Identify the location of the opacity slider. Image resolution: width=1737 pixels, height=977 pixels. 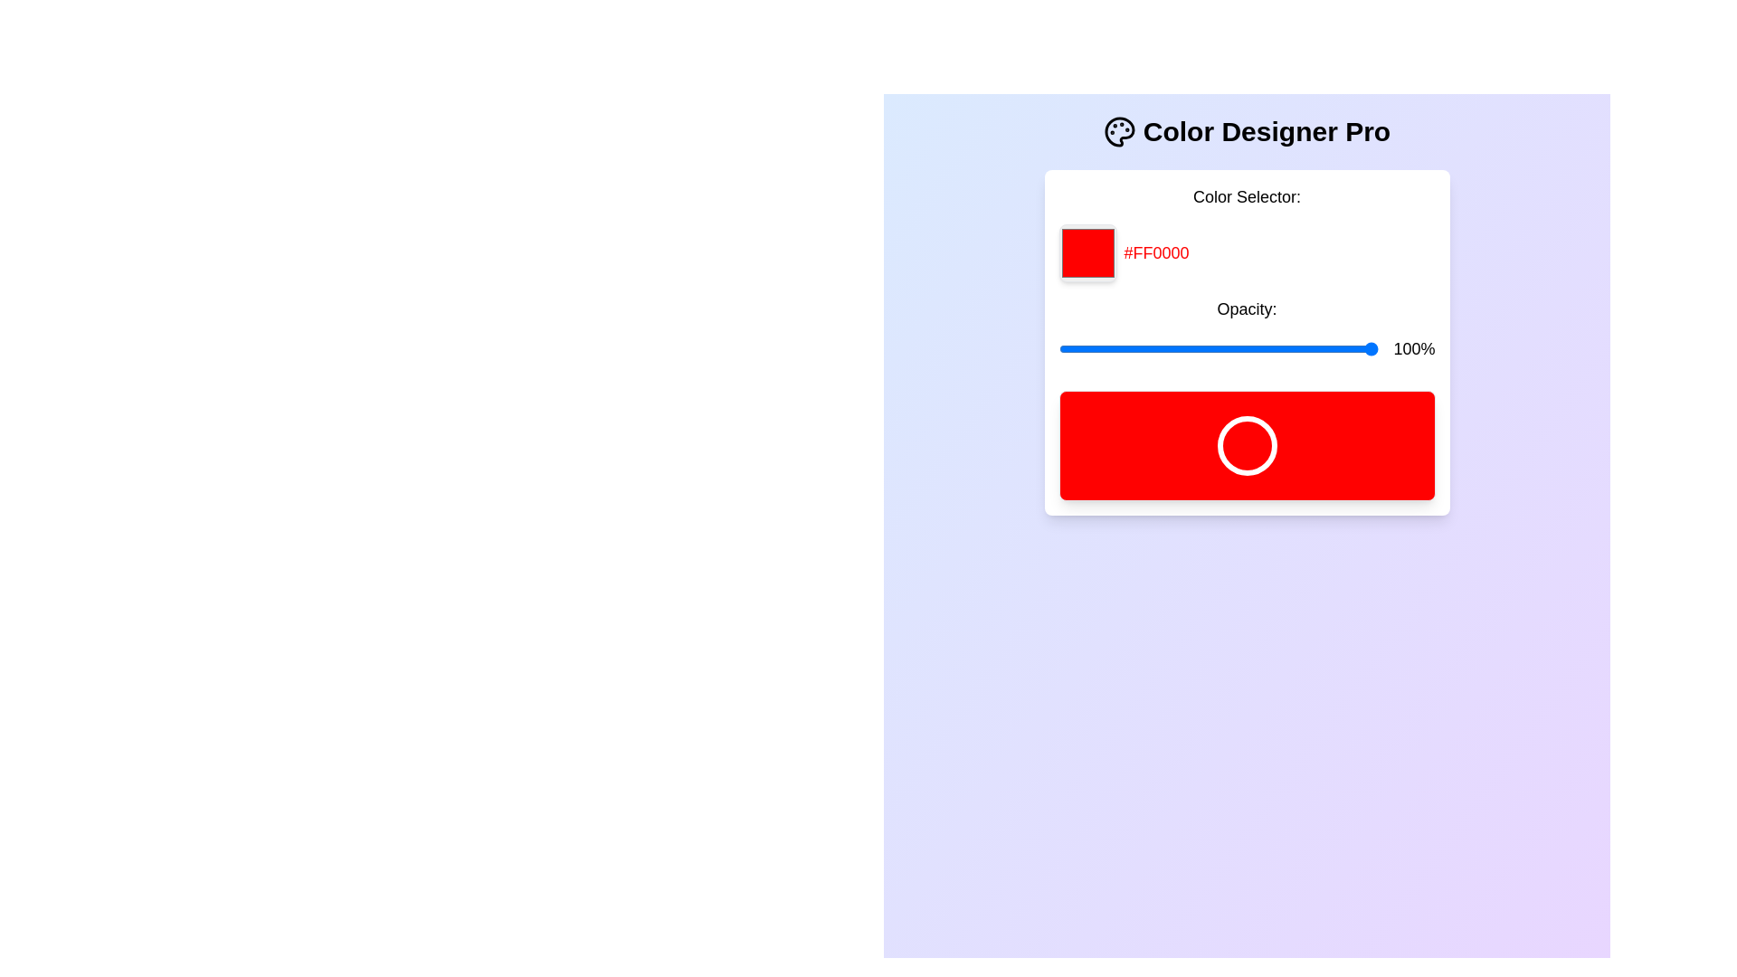
(1360, 348).